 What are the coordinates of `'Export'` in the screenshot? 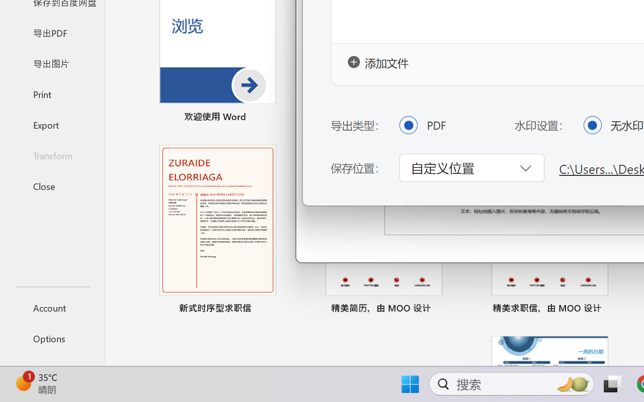 It's located at (52, 124).